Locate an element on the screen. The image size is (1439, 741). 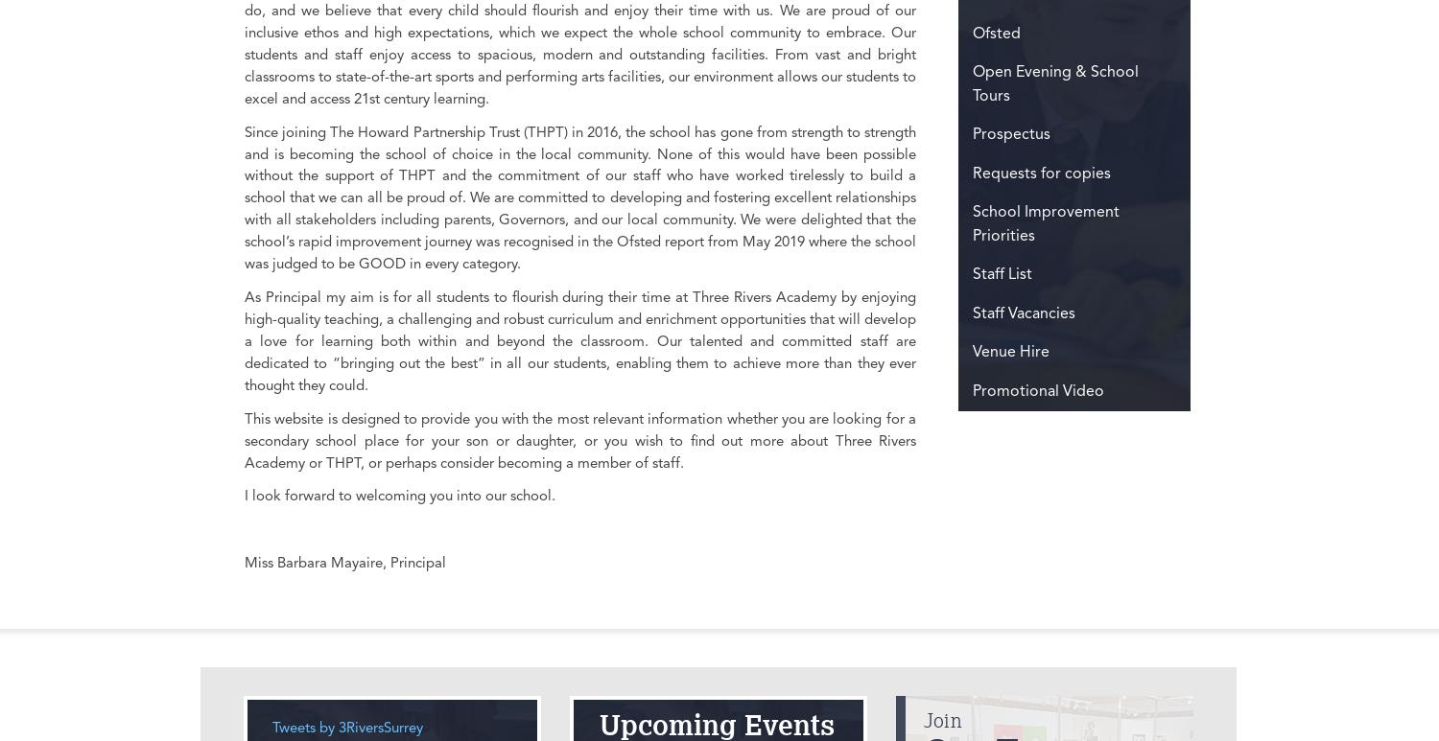
'Bell Farm Way, Hersham' is located at coordinates (245, 149).